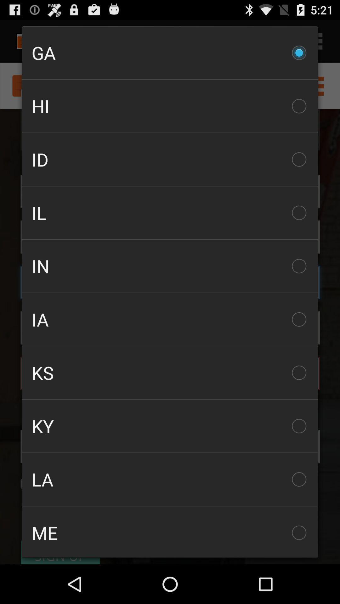  Describe the element at coordinates (170, 213) in the screenshot. I see `il item` at that location.